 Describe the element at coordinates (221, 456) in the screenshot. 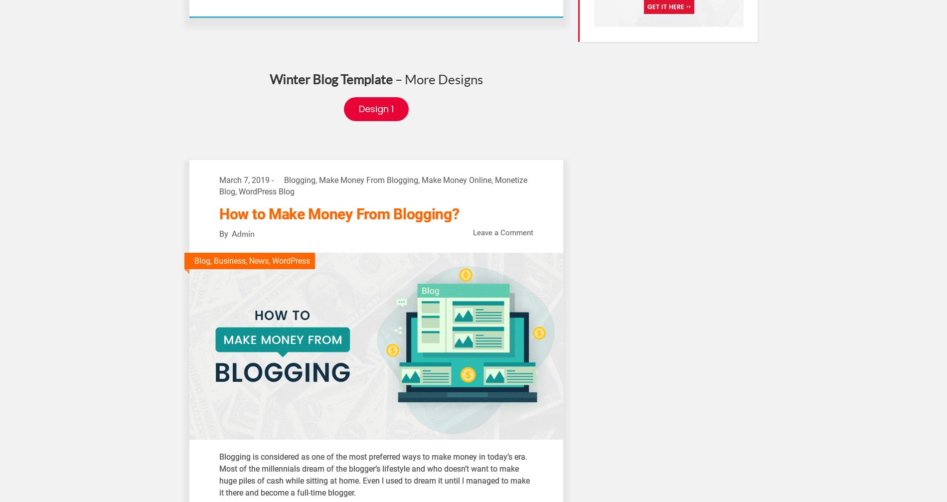

I see `'B'` at that location.